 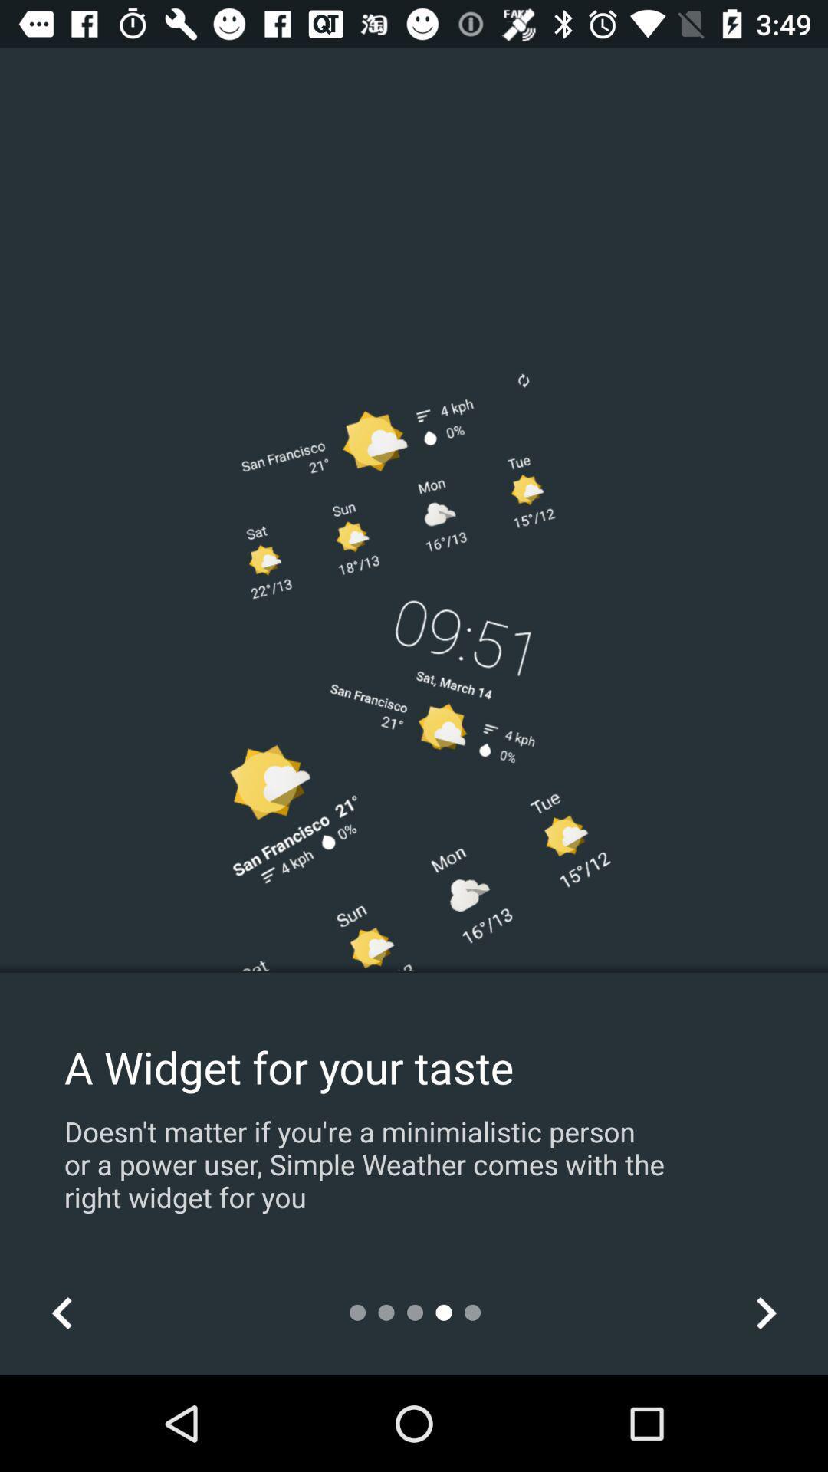 What do you see at coordinates (61, 1312) in the screenshot?
I see `the arrow_backward icon` at bounding box center [61, 1312].